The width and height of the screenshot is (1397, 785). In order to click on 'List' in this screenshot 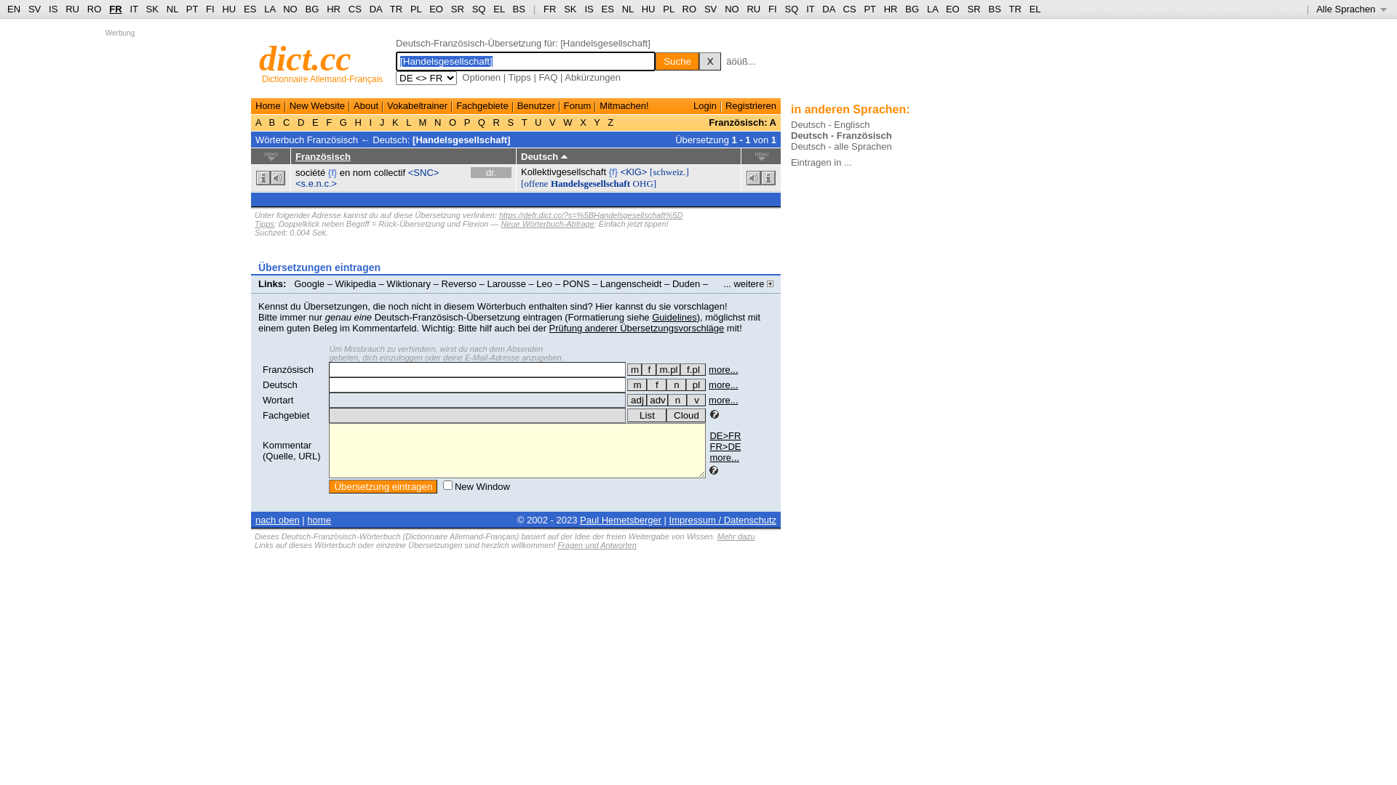, I will do `click(645, 415)`.